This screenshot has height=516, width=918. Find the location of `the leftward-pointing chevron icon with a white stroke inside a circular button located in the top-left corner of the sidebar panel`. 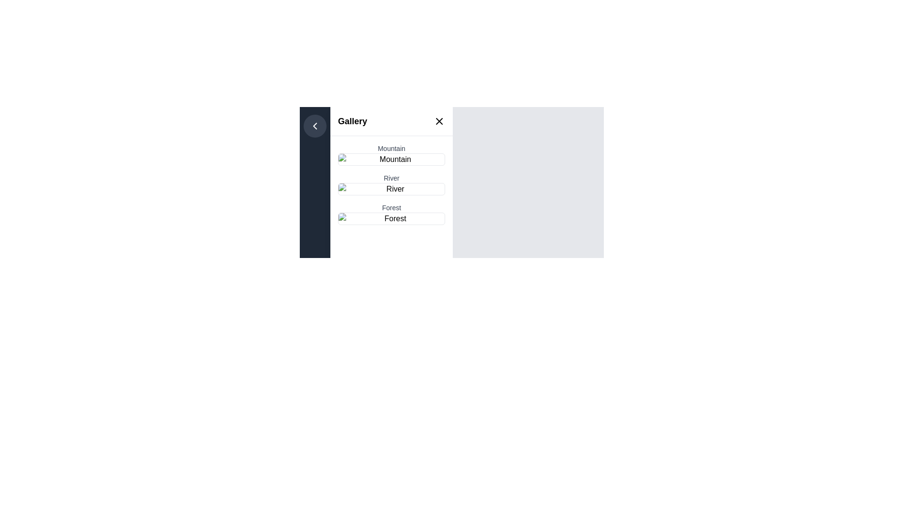

the leftward-pointing chevron icon with a white stroke inside a circular button located in the top-left corner of the sidebar panel is located at coordinates (315, 125).